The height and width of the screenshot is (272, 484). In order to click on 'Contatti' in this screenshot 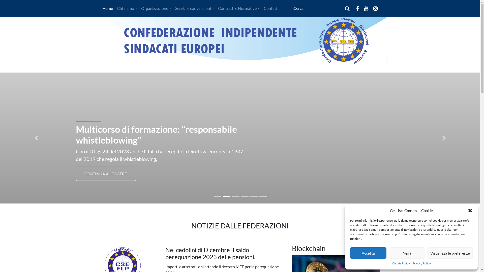, I will do `click(271, 8)`.